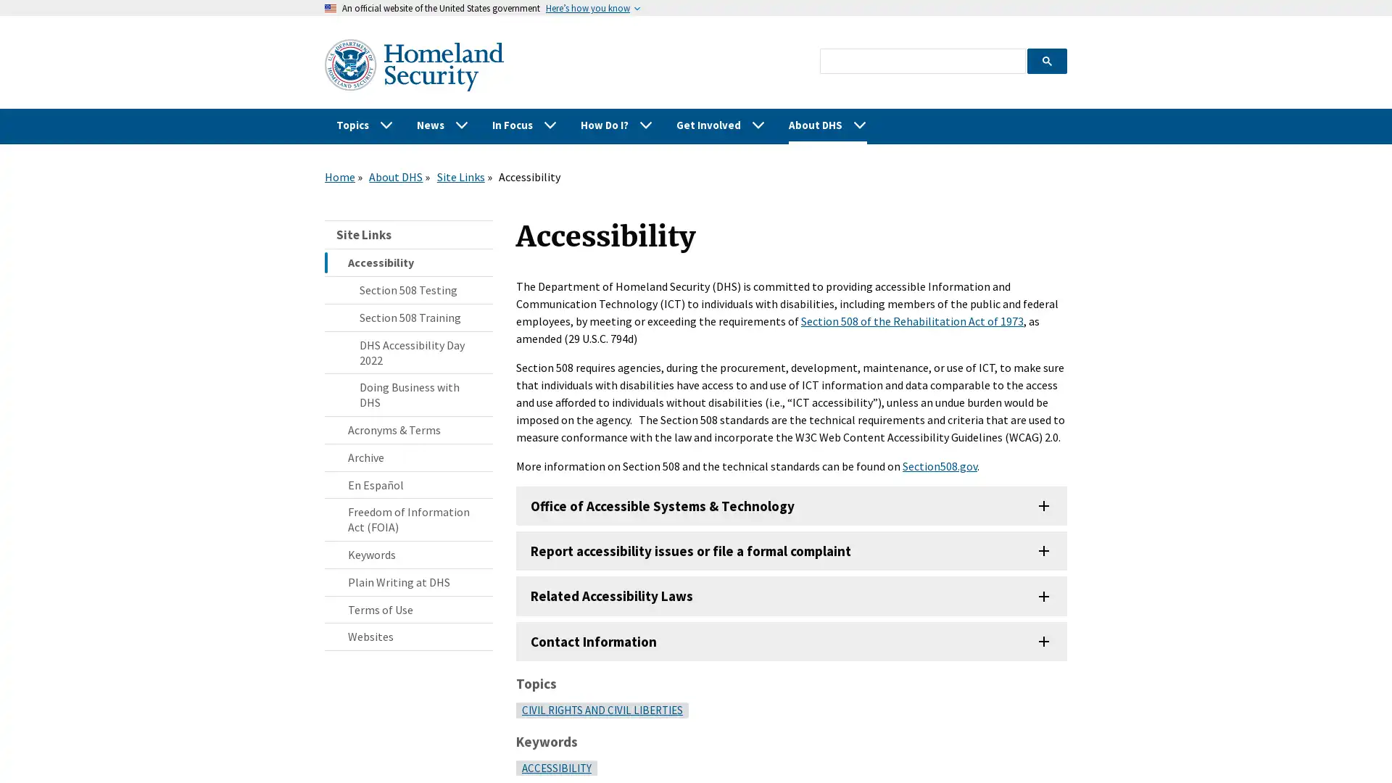 The width and height of the screenshot is (1392, 783). What do you see at coordinates (588, 8) in the screenshot?
I see `Heres how you know` at bounding box center [588, 8].